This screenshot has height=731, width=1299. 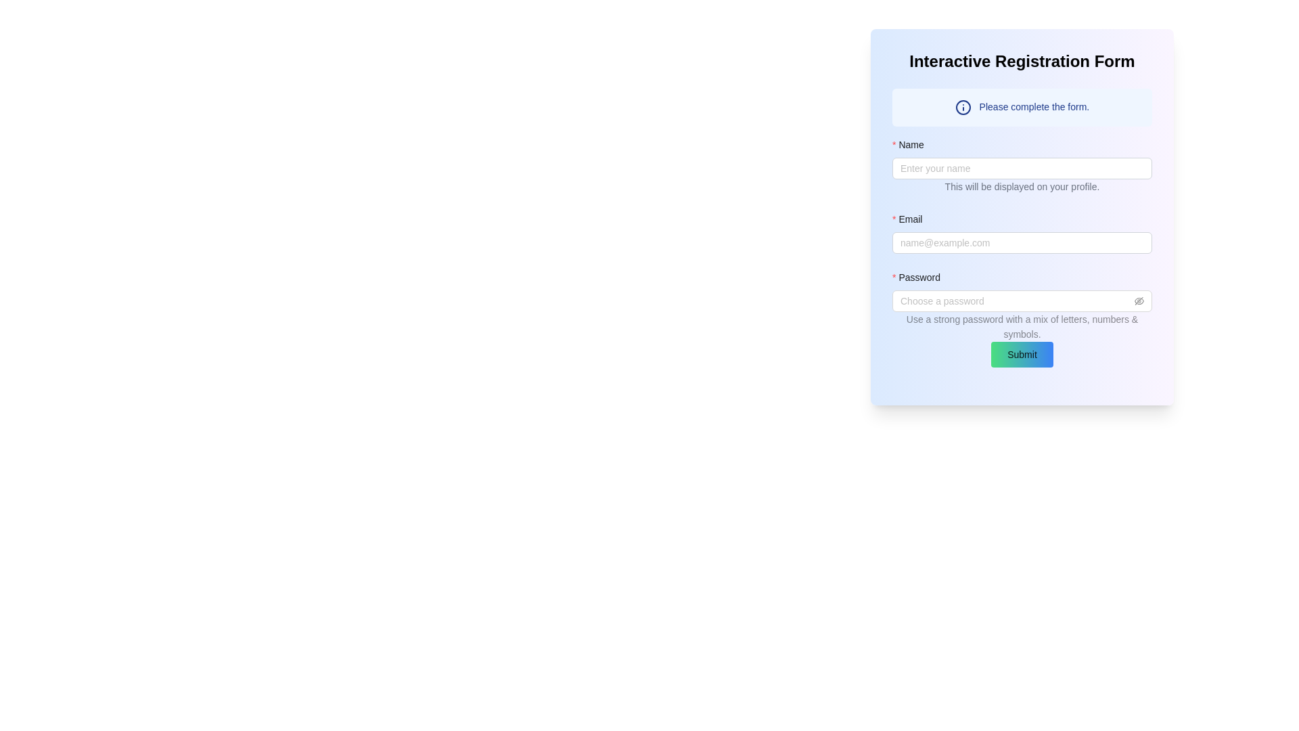 I want to click on the circular icon element indicating the need for the user to complete the form, located to the left of the 'Please complete the form.' text in the registration form header, so click(x=962, y=107).